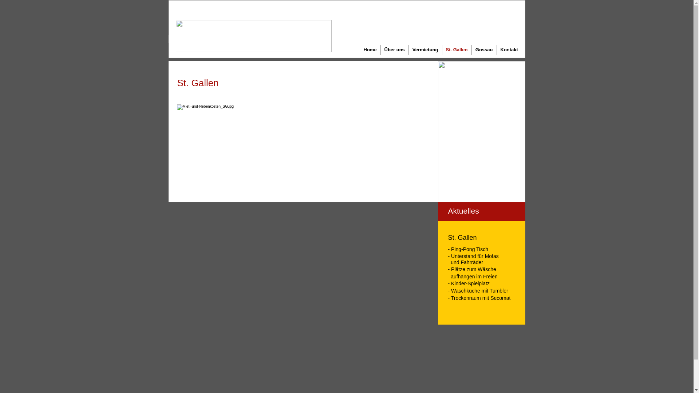  I want to click on 'Gossau', so click(484, 49).